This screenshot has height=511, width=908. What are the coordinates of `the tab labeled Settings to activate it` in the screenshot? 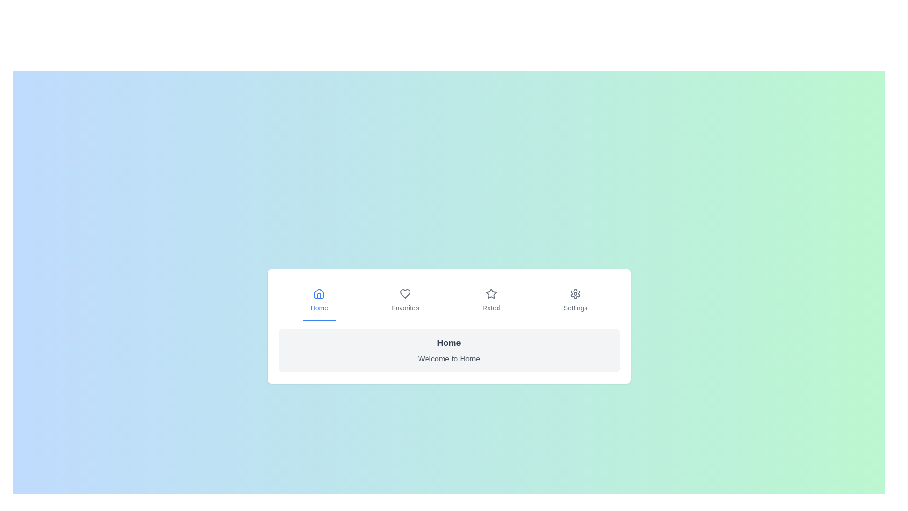 It's located at (575, 301).